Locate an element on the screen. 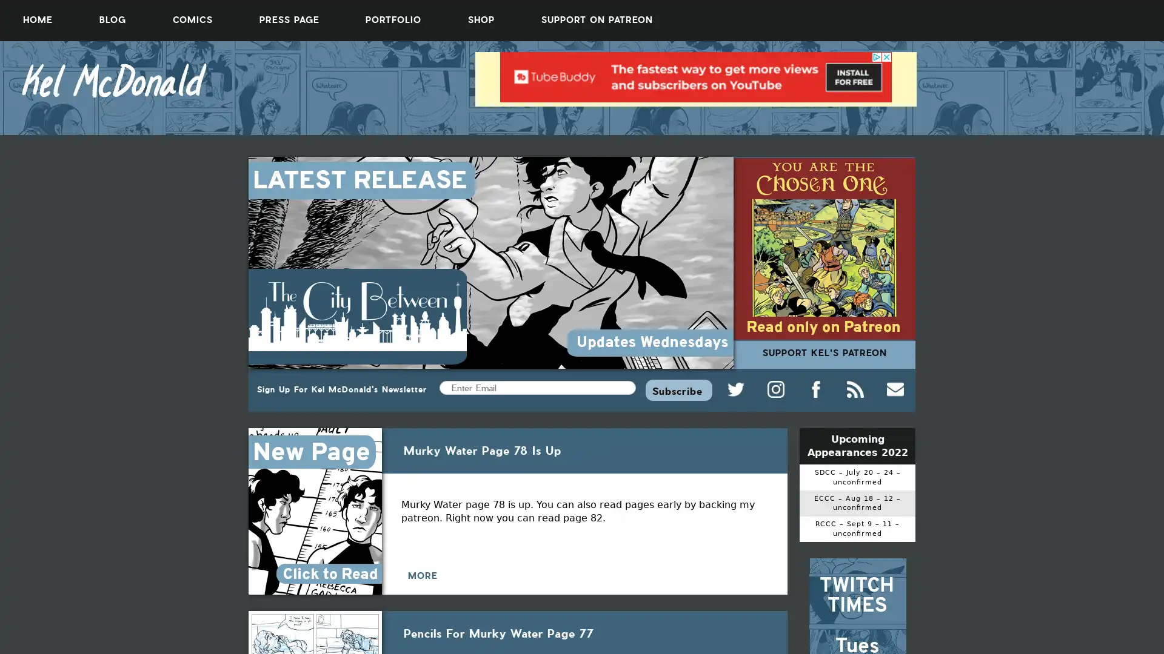  Subscribe is located at coordinates (678, 389).